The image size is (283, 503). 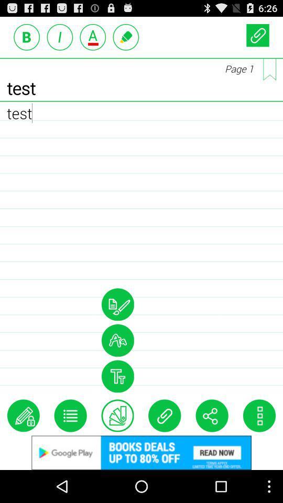 What do you see at coordinates (269, 69) in the screenshot?
I see `multiple notebooks for every subject and avoid messing up your notes` at bounding box center [269, 69].